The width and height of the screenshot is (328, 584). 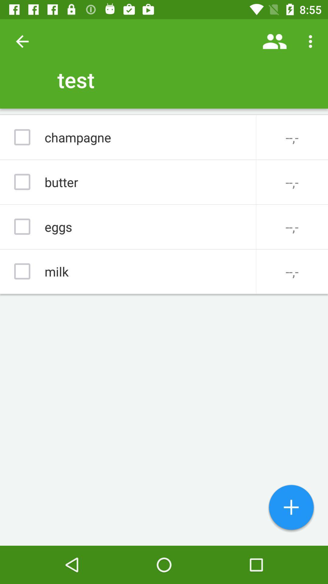 I want to click on item to the left of the test, so click(x=22, y=41).